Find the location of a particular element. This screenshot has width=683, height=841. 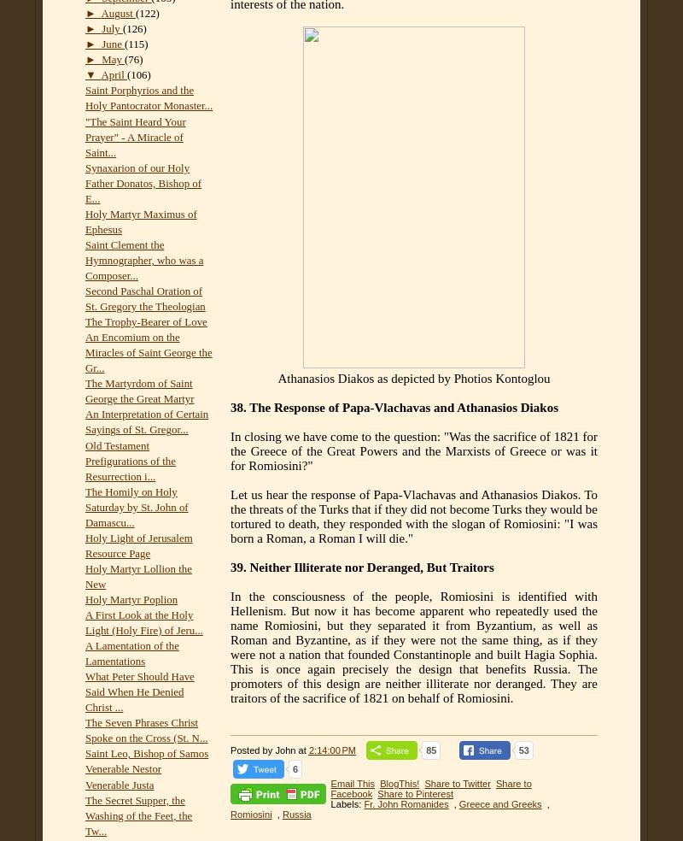

'38. The Response of Papa-Vlachavas and Athanasios Diakos' is located at coordinates (393, 408).